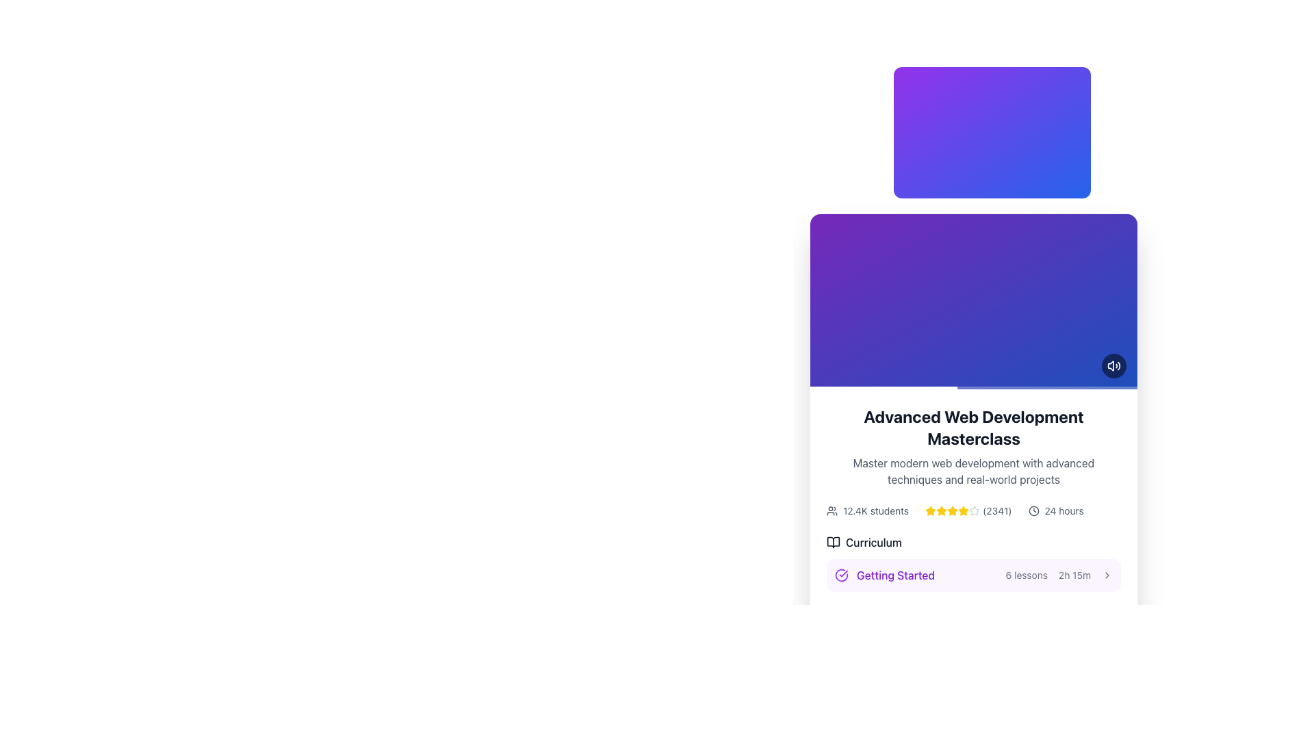 This screenshot has width=1314, height=739. What do you see at coordinates (833, 542) in the screenshot?
I see `the small book icon featuring a minimalistic, linear design in black, located next to the text 'Curriculum' at the top-left corner of the content box` at bounding box center [833, 542].